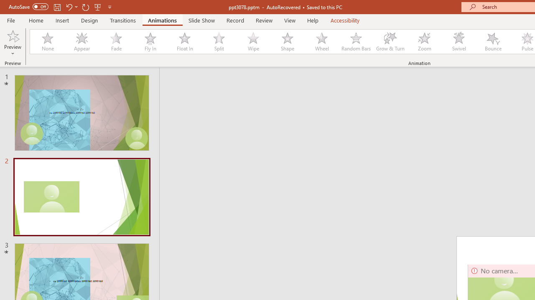  Describe the element at coordinates (390, 42) in the screenshot. I see `'Grow & Turn'` at that location.